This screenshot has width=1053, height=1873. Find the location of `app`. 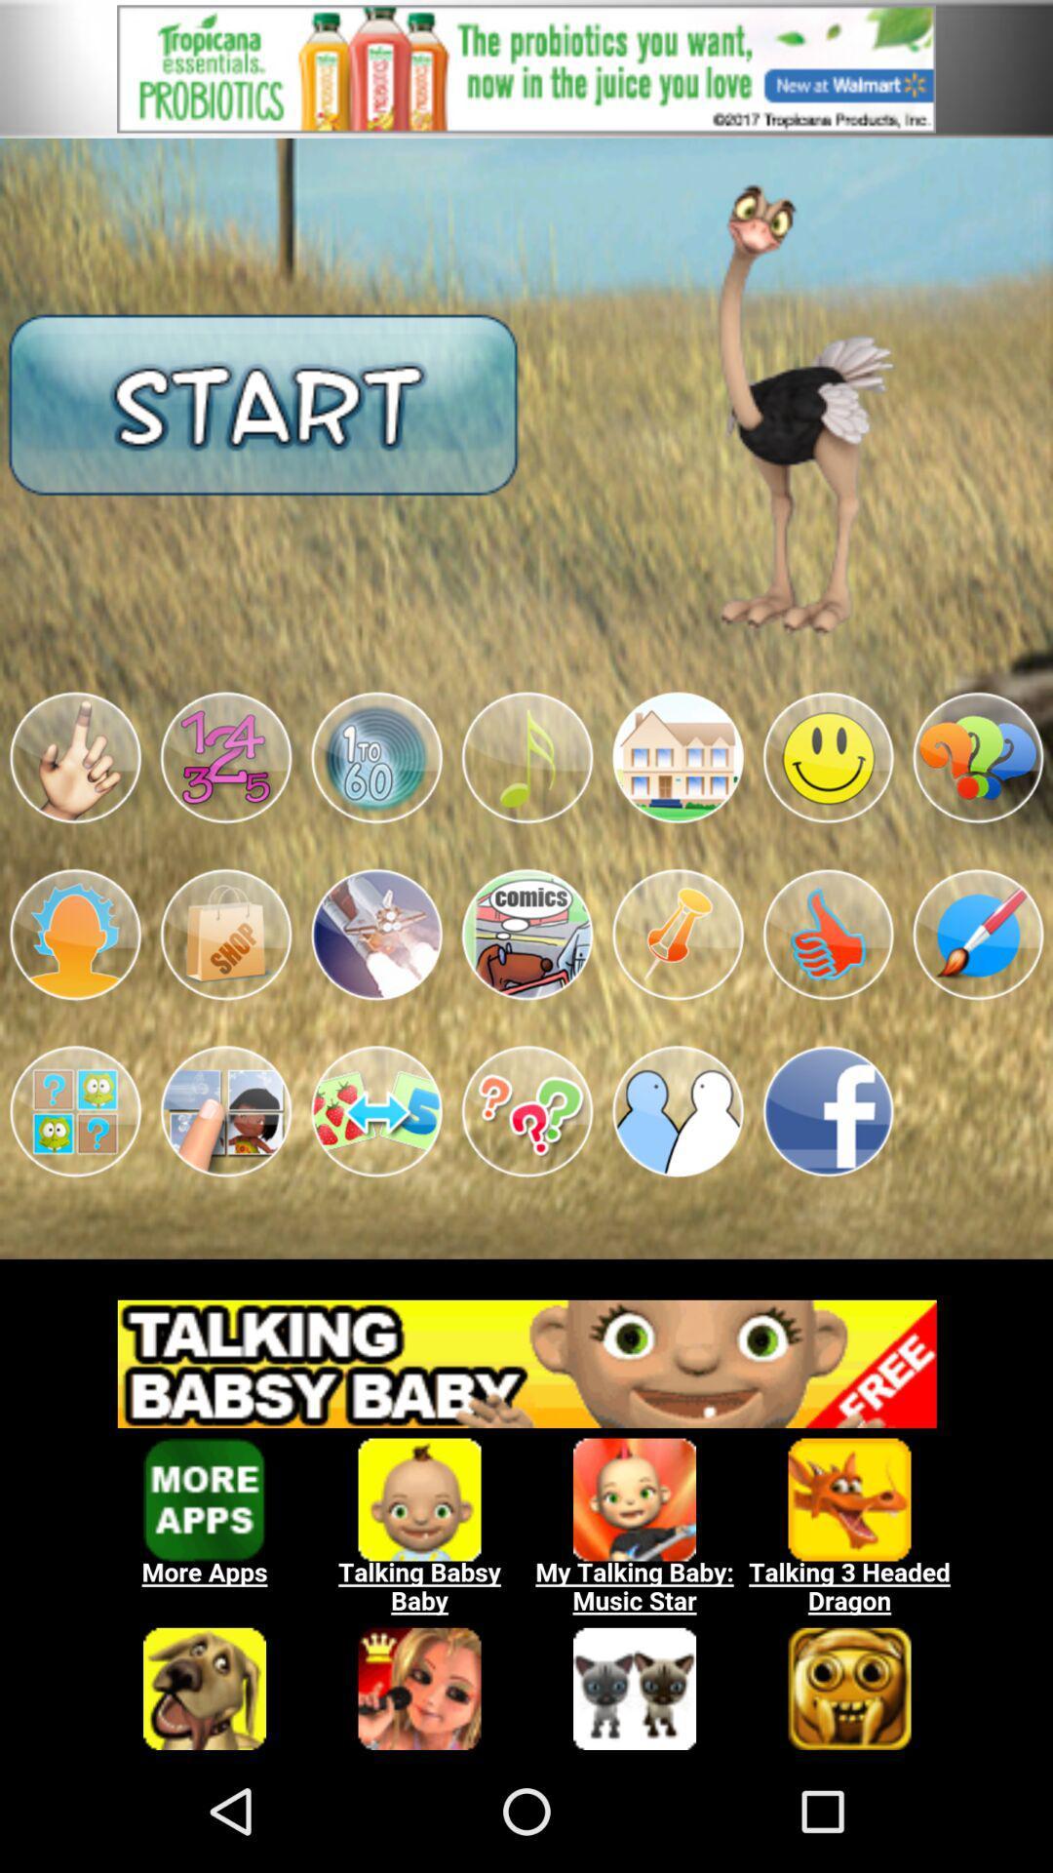

app is located at coordinates (526, 934).